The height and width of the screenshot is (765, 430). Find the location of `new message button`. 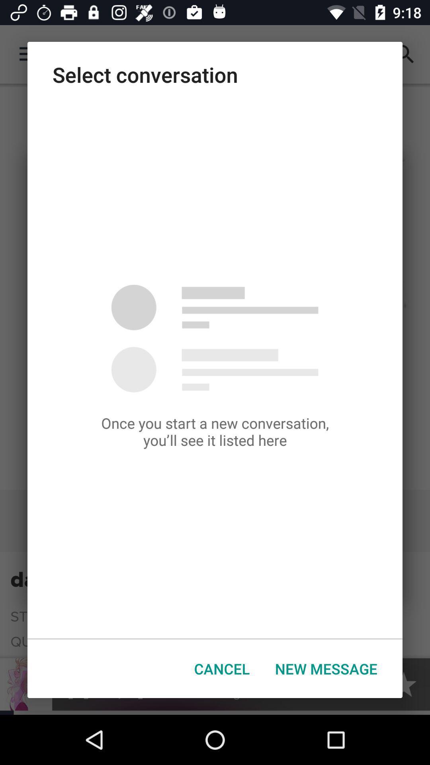

new message button is located at coordinates (326, 669).